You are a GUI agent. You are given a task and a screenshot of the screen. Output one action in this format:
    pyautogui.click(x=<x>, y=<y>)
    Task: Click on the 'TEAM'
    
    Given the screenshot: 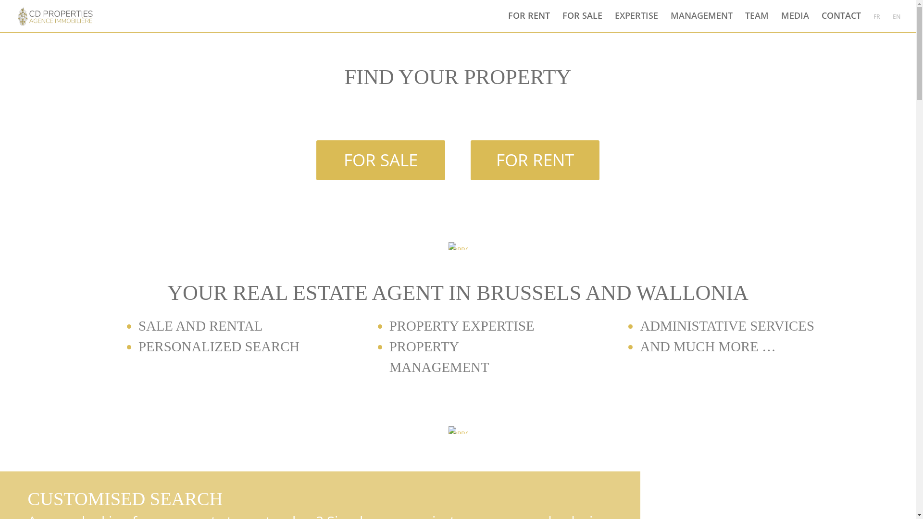 What is the action you would take?
    pyautogui.click(x=756, y=21)
    